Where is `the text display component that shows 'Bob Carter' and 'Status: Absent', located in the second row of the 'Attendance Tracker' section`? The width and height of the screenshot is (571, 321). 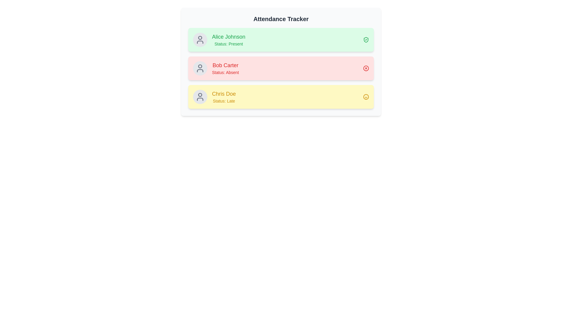 the text display component that shows 'Bob Carter' and 'Status: Absent', located in the second row of the 'Attendance Tracker' section is located at coordinates (225, 68).